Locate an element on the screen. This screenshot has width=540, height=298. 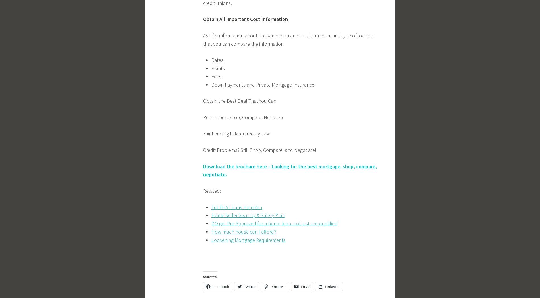
'Remember: Shop, Compare, Negotiate' is located at coordinates (244, 117).